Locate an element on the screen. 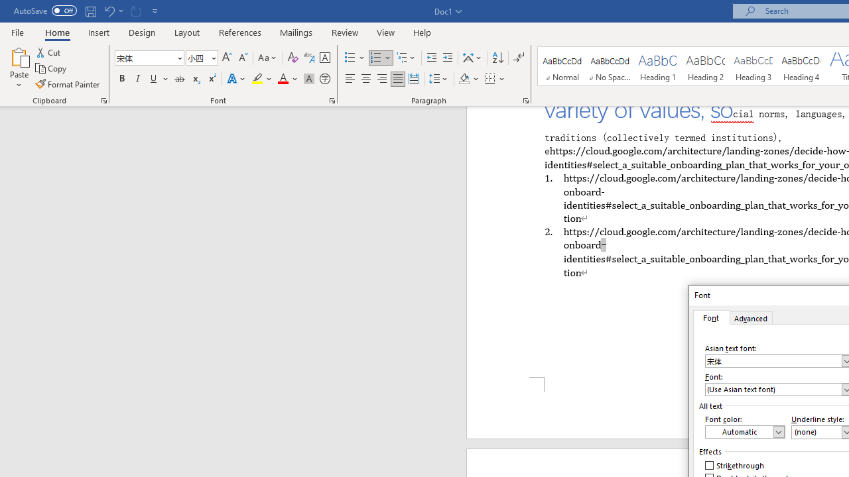 The width and height of the screenshot is (849, 477). 'Heading 3' is located at coordinates (753, 66).